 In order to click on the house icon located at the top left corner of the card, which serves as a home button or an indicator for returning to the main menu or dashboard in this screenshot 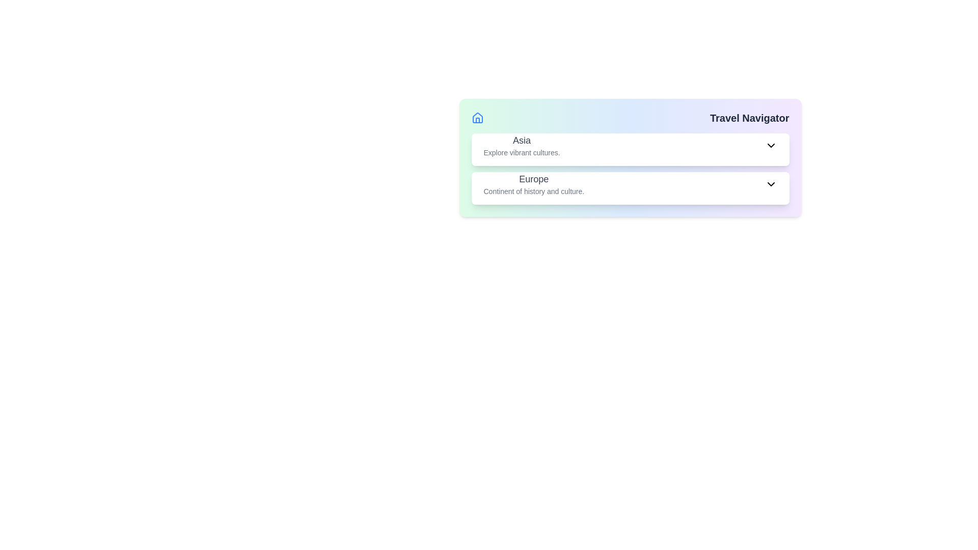, I will do `click(477, 120)`.